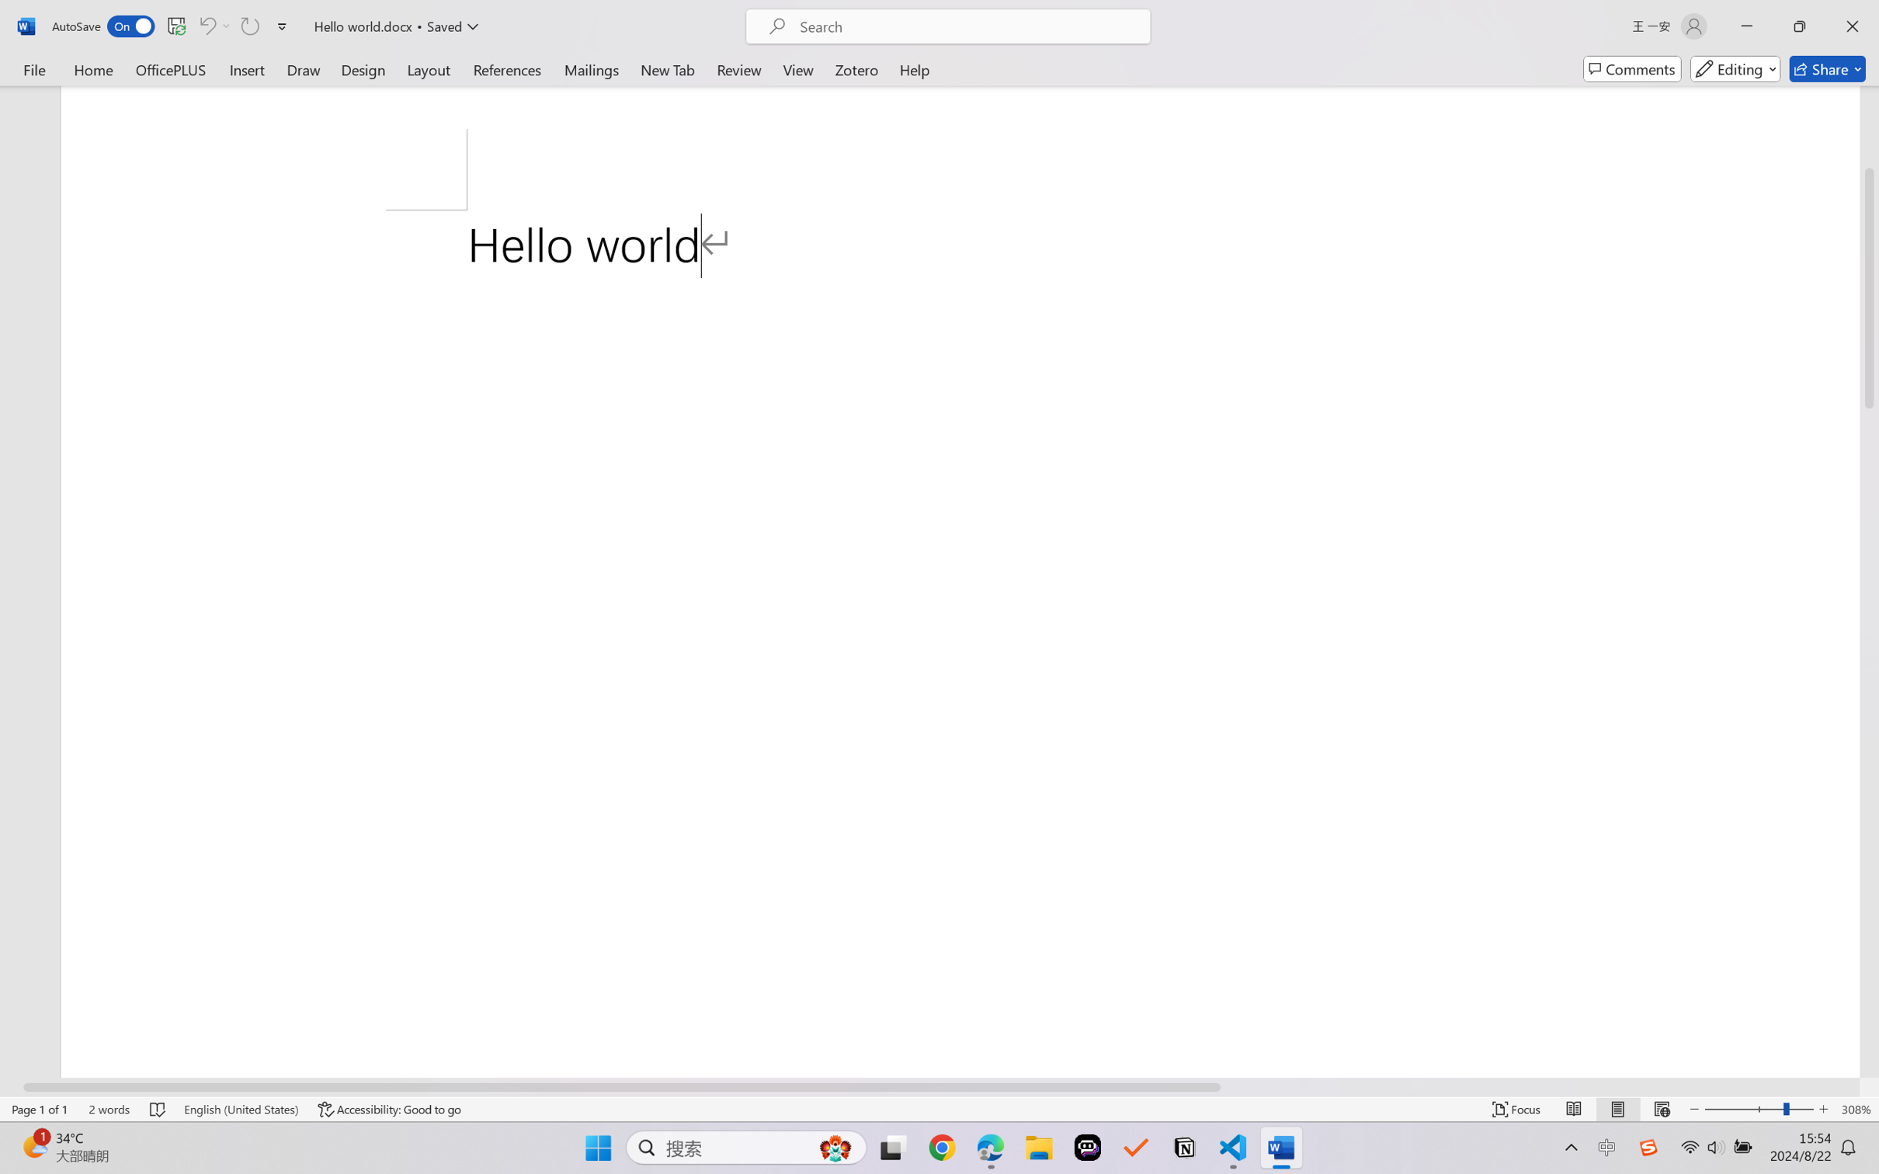 This screenshot has height=1174, width=1879. Describe the element at coordinates (213, 26) in the screenshot. I see `'Can'` at that location.